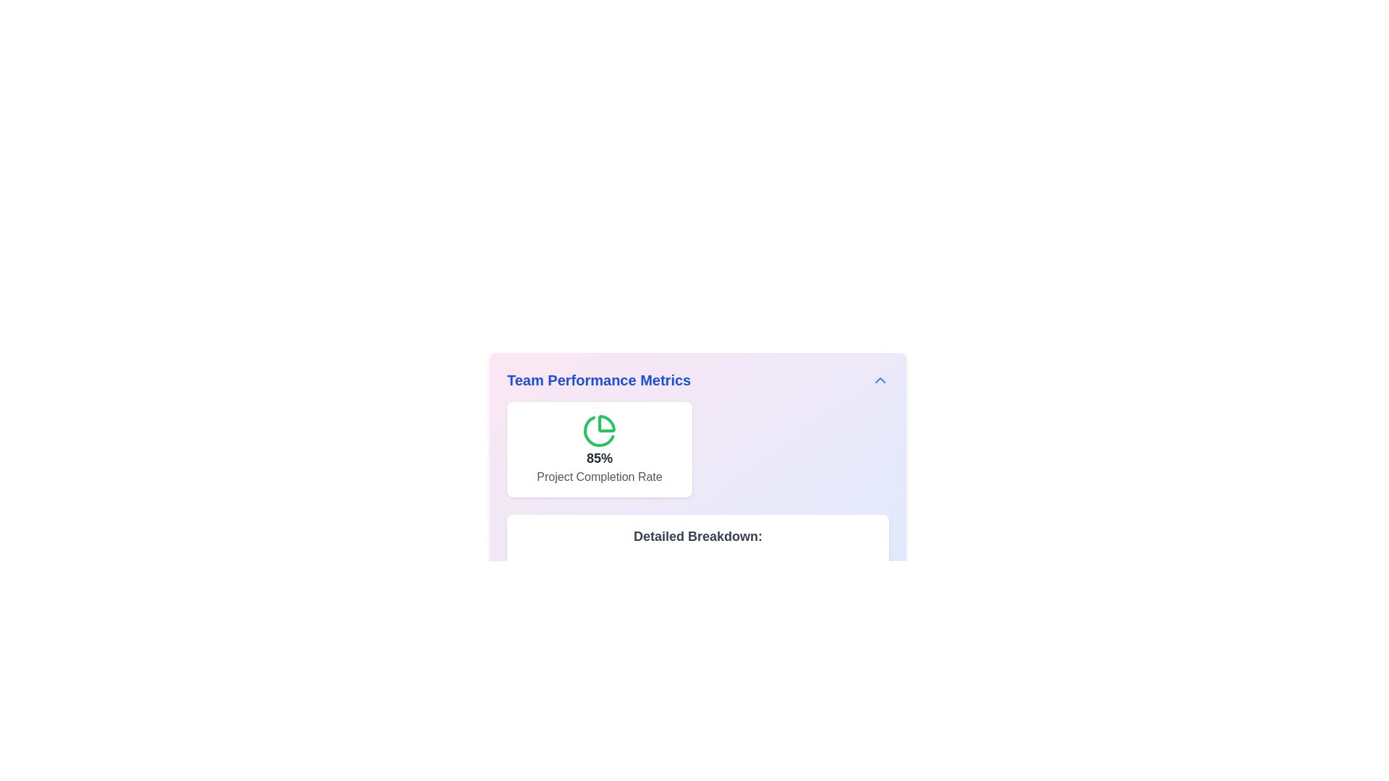  I want to click on the Text Label that describes the project completion rate ('85%') within the 'Team Performance Metrics' card layout, so click(600, 477).